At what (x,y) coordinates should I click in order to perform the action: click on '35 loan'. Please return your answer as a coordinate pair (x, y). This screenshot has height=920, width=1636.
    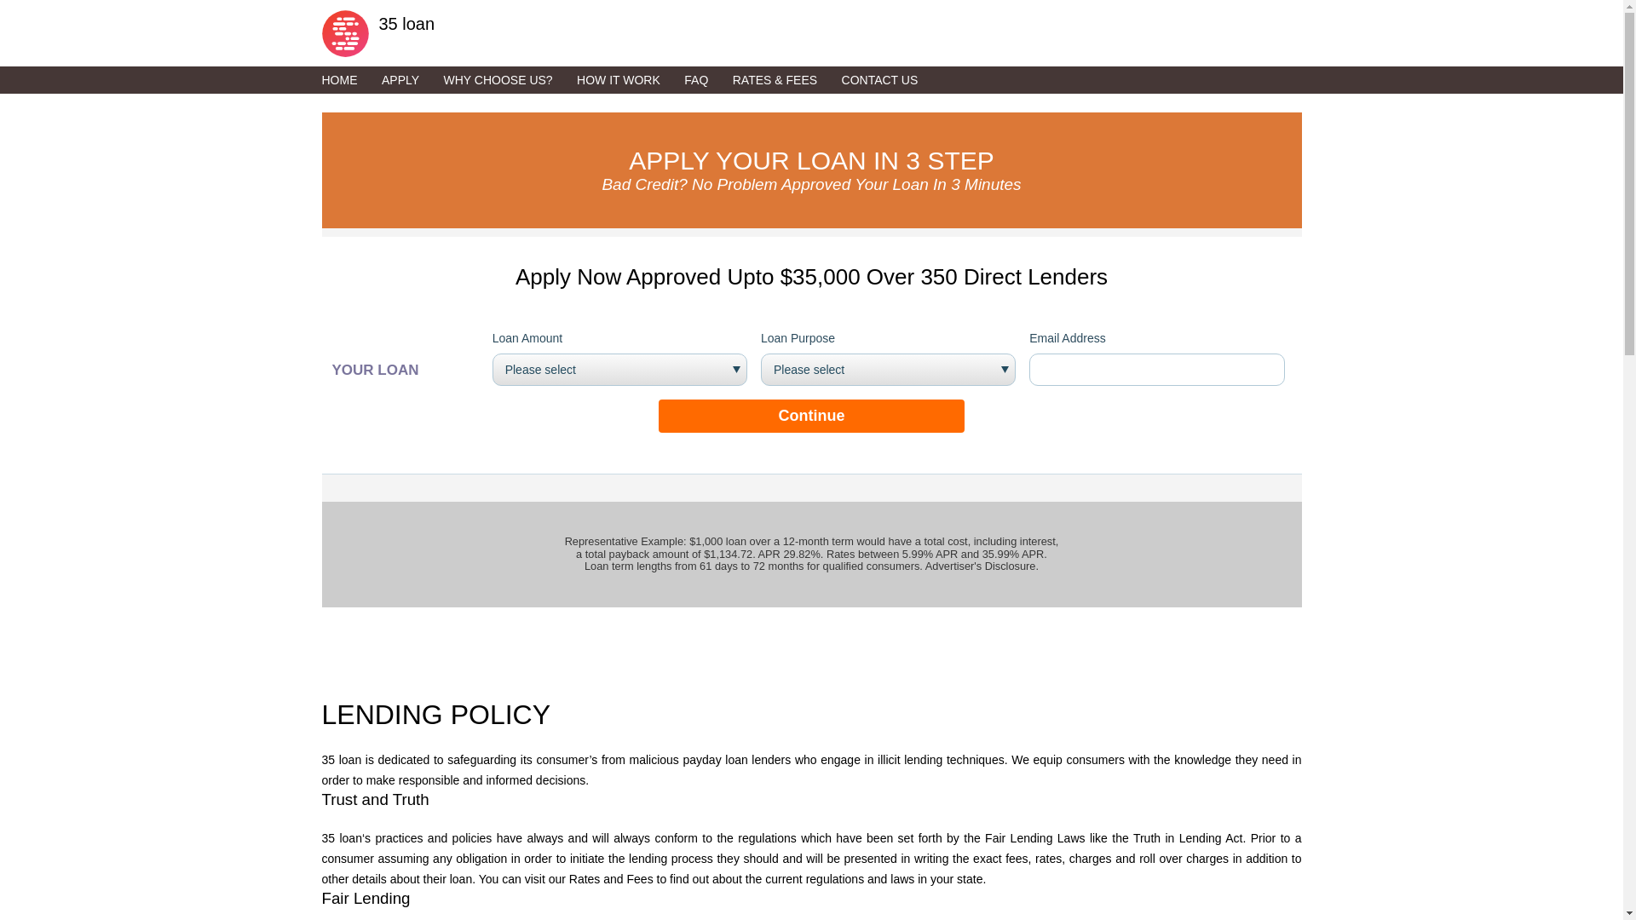
    Looking at the image, I should click on (322, 28).